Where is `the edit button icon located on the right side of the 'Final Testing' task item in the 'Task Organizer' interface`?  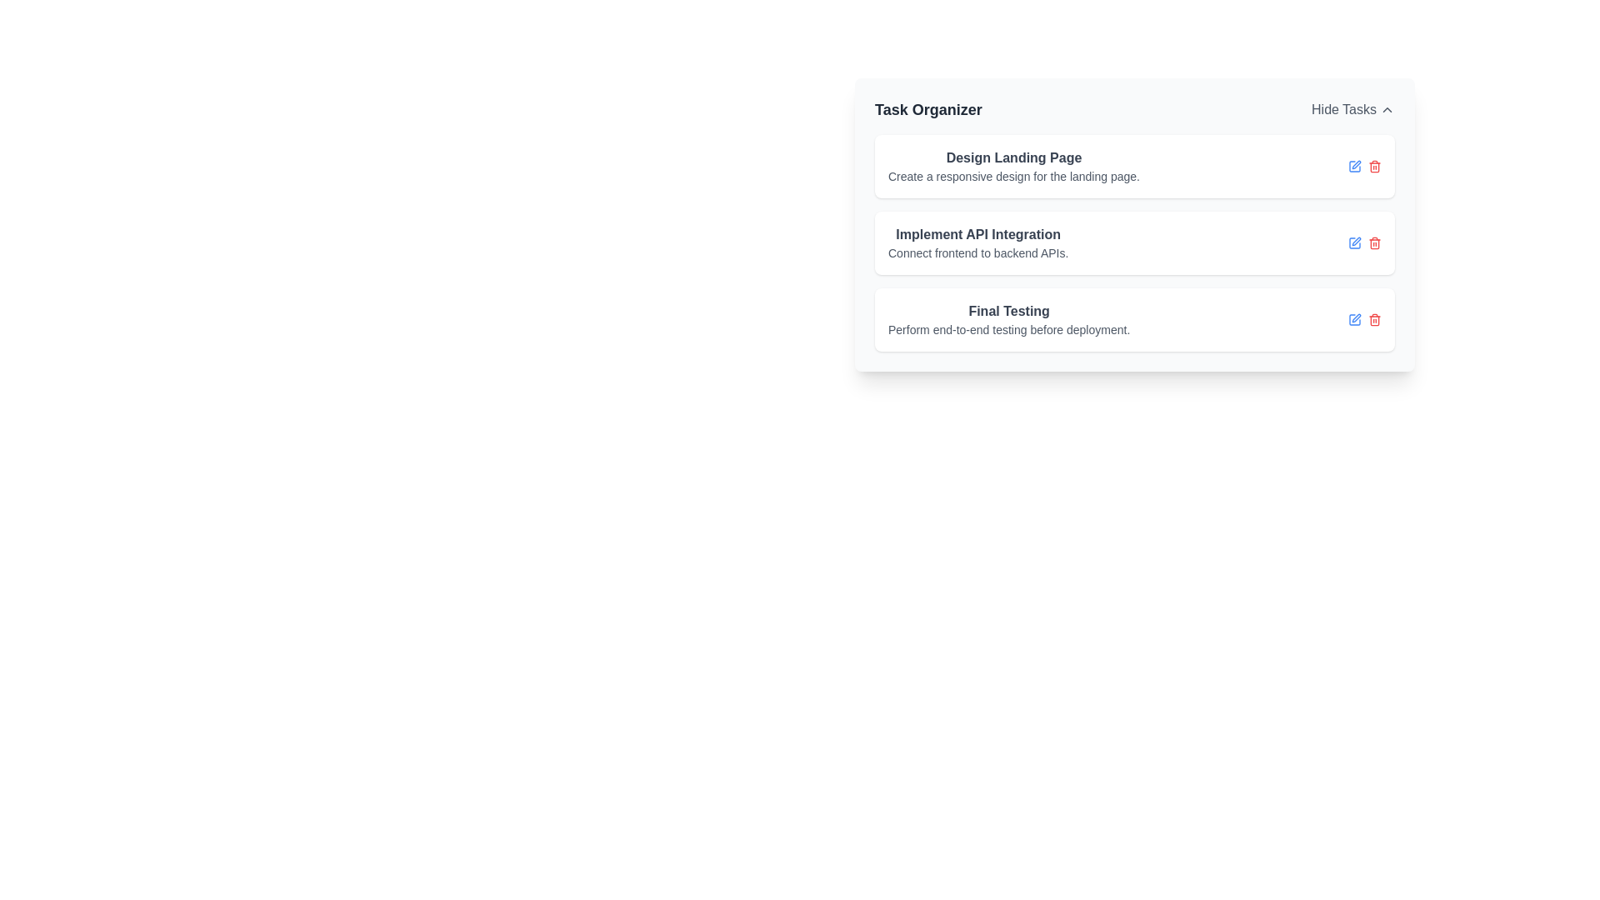
the edit button icon located on the right side of the 'Final Testing' task item in the 'Task Organizer' interface is located at coordinates (1355, 320).